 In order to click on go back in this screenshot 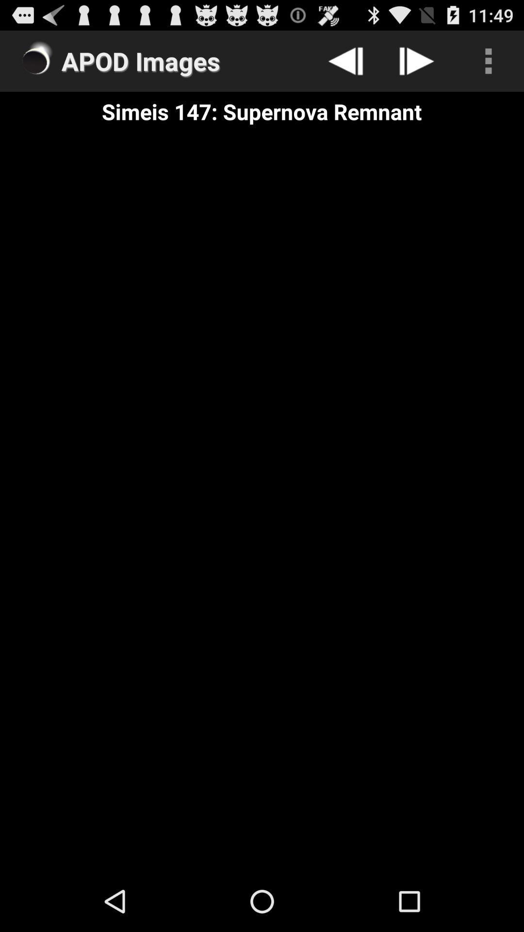, I will do `click(345, 60)`.